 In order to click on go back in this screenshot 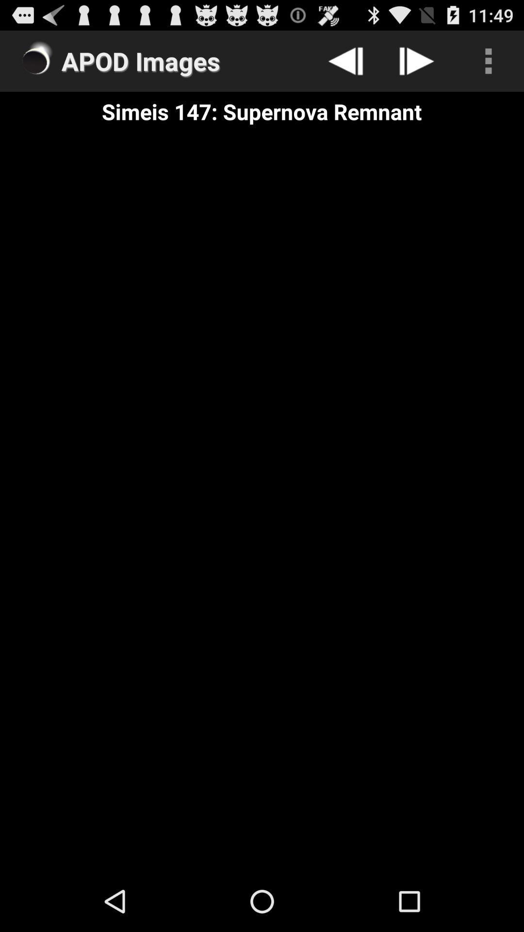, I will do `click(345, 60)`.